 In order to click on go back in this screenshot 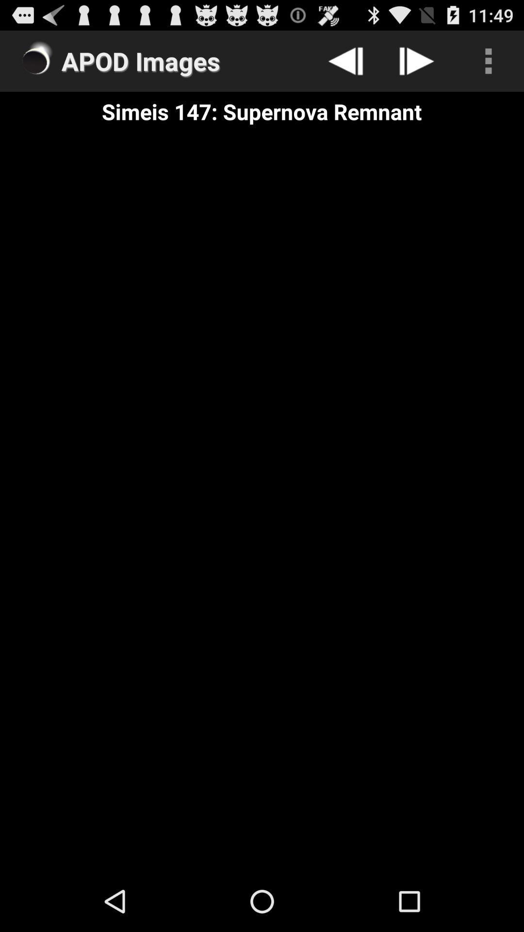, I will do `click(345, 60)`.